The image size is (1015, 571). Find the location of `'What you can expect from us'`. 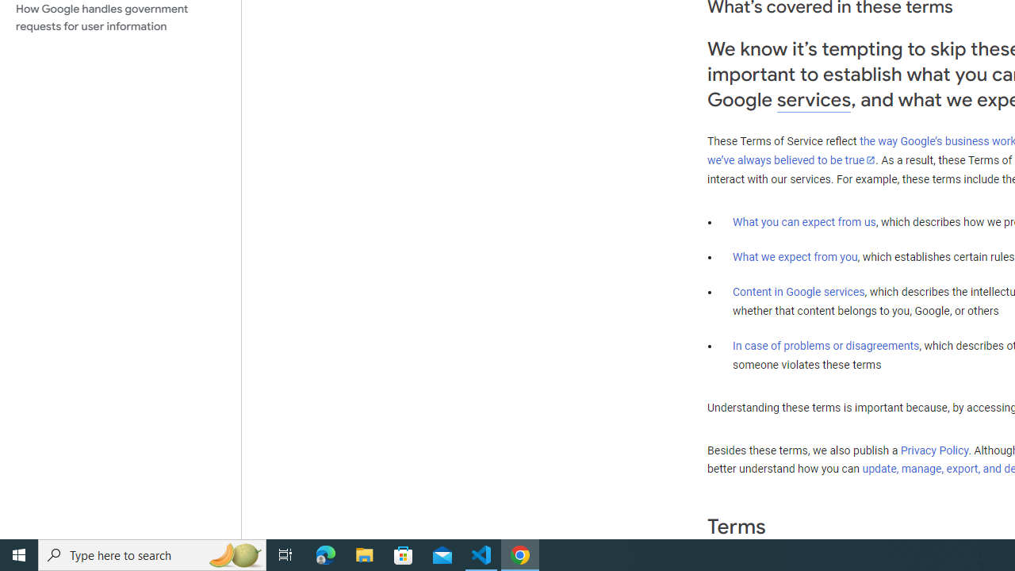

'What you can expect from us' is located at coordinates (804, 221).